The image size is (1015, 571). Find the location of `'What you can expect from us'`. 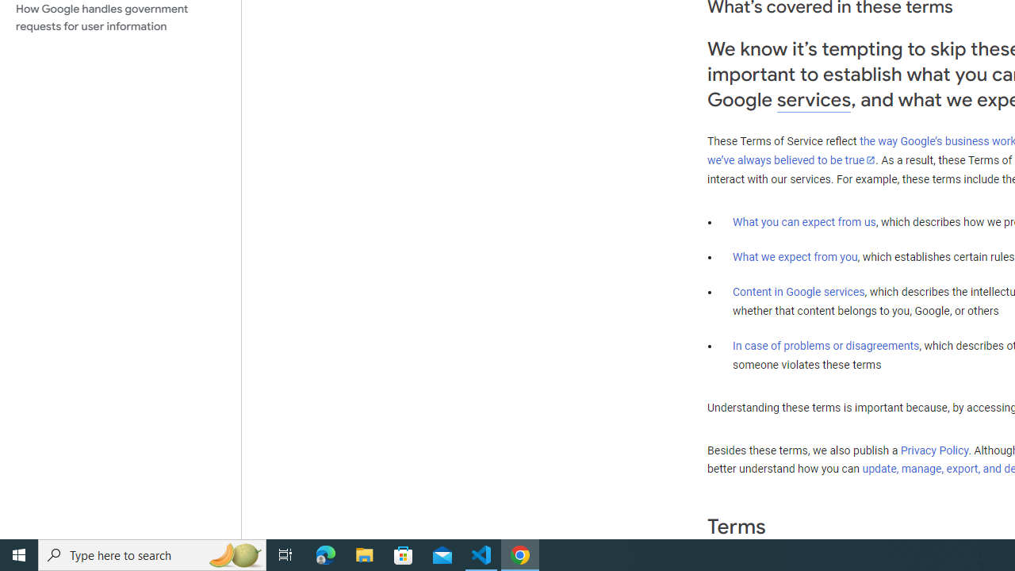

'What you can expect from us' is located at coordinates (804, 221).